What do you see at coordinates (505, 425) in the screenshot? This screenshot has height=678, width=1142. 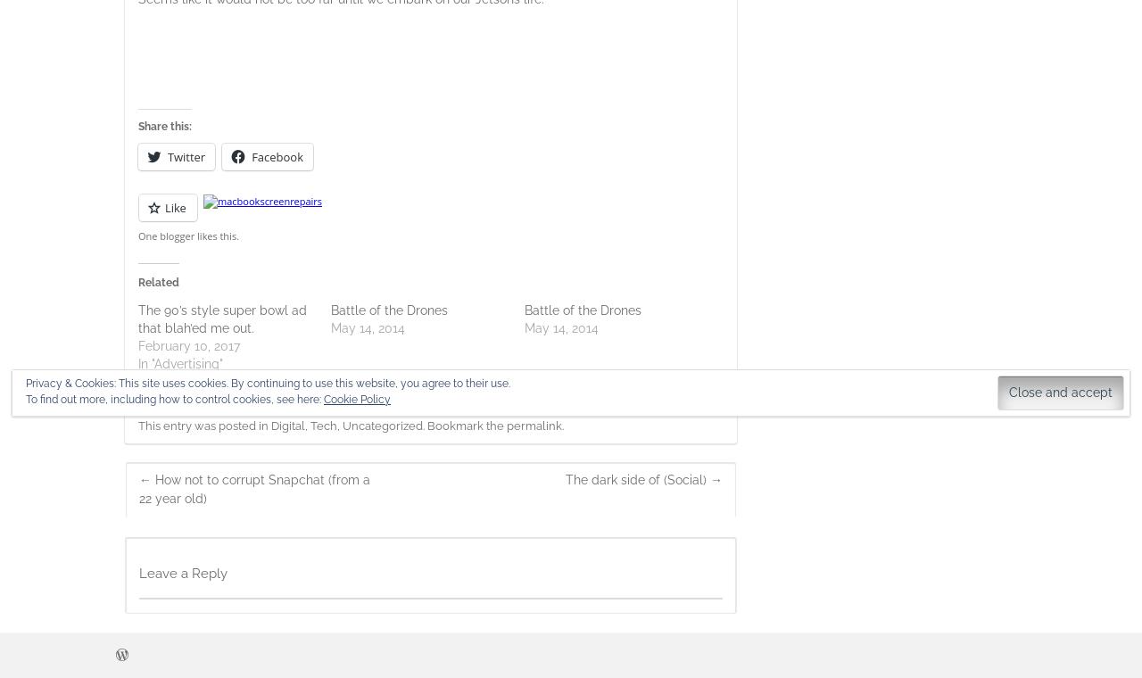 I see `'permalink'` at bounding box center [505, 425].